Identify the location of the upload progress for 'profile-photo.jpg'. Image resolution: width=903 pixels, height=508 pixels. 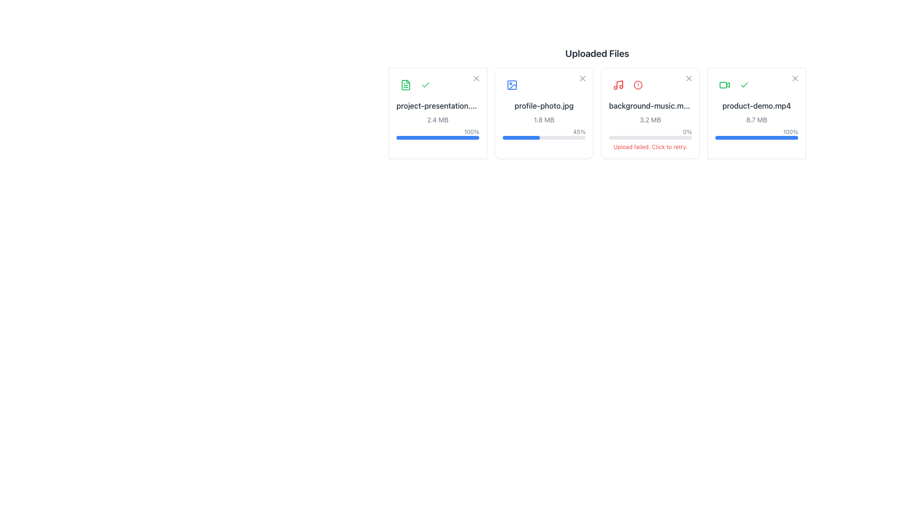
(533, 138).